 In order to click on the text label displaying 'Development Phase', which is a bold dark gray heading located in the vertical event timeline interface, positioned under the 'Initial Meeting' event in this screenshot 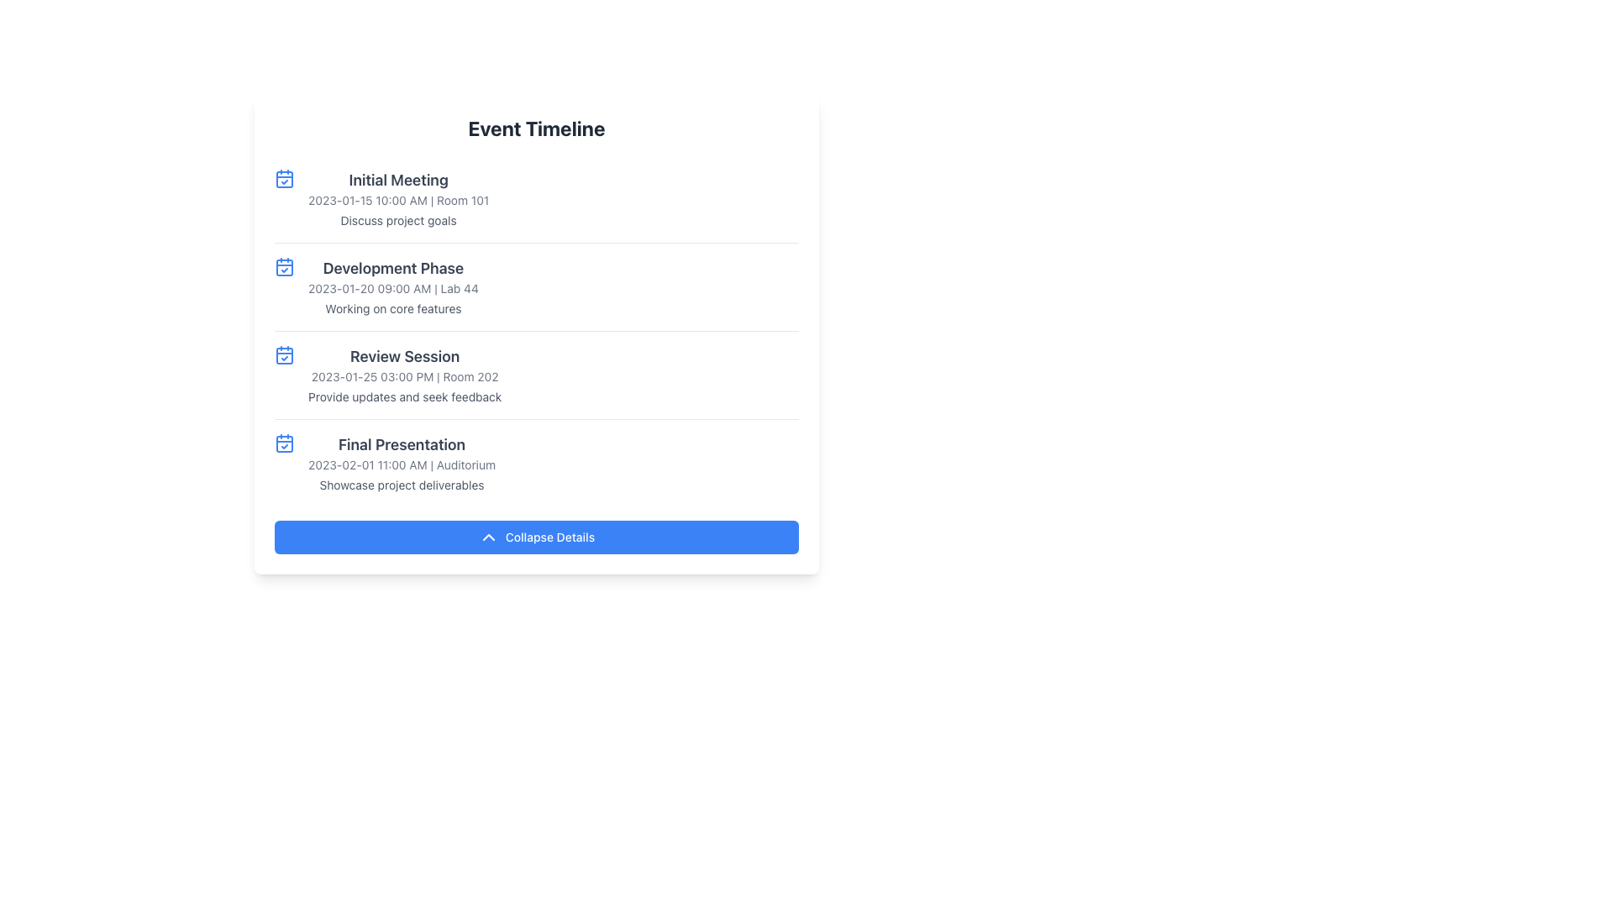, I will do `click(392, 268)`.